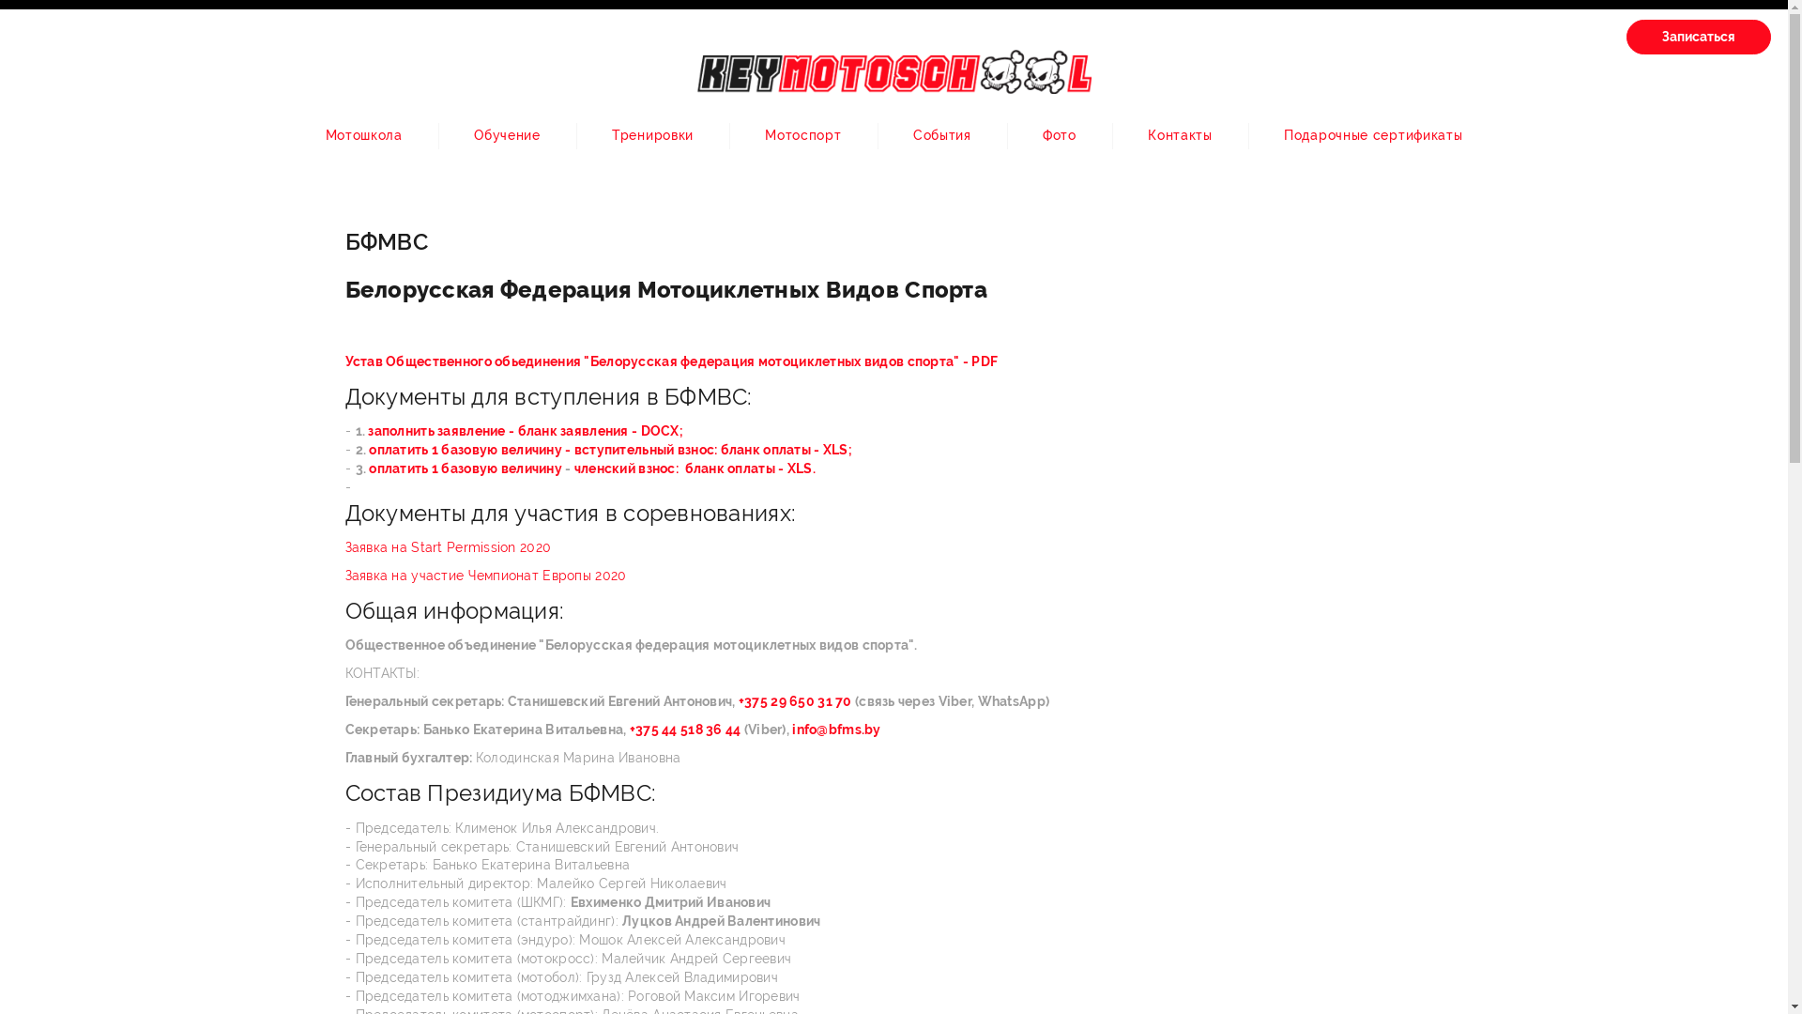 The width and height of the screenshot is (1802, 1014). Describe the element at coordinates (684, 728) in the screenshot. I see `'+375 44 518 36 44'` at that location.